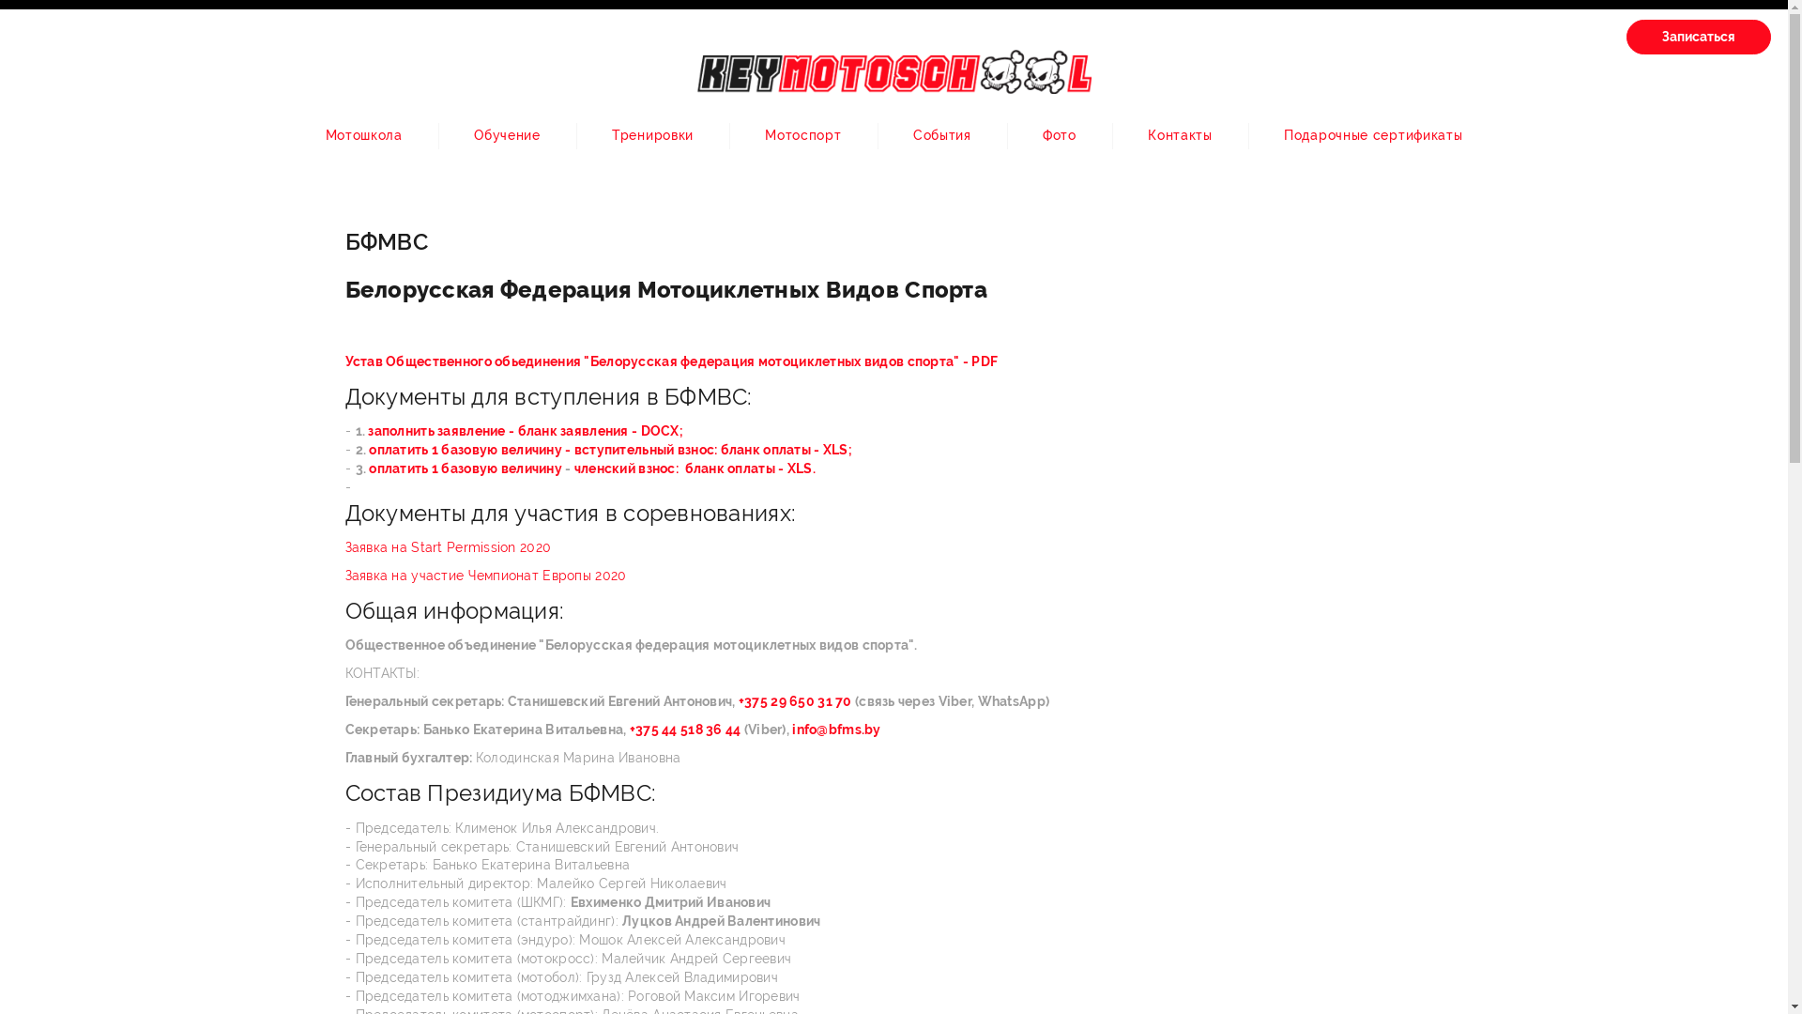 The width and height of the screenshot is (1802, 1014). Describe the element at coordinates (684, 728) in the screenshot. I see `'+375 44 518 36 44'` at that location.